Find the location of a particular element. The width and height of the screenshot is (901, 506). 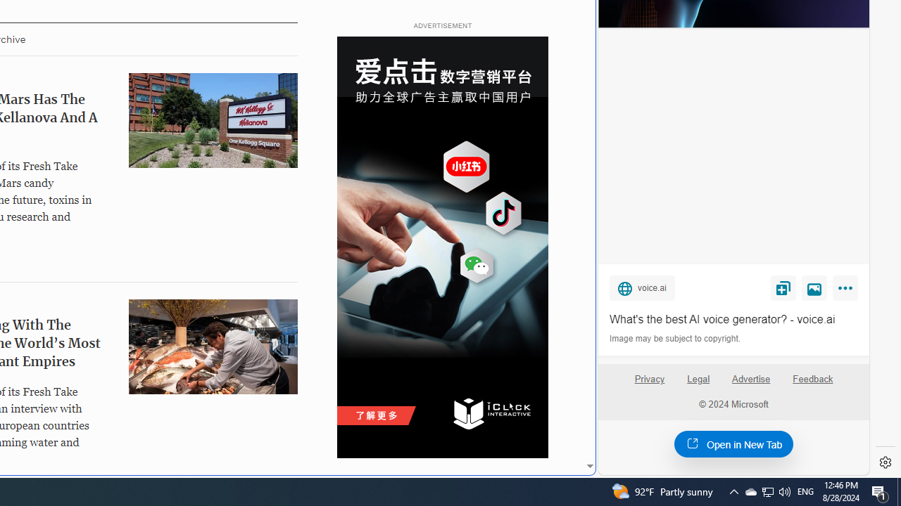

'Legal' is located at coordinates (698, 384).